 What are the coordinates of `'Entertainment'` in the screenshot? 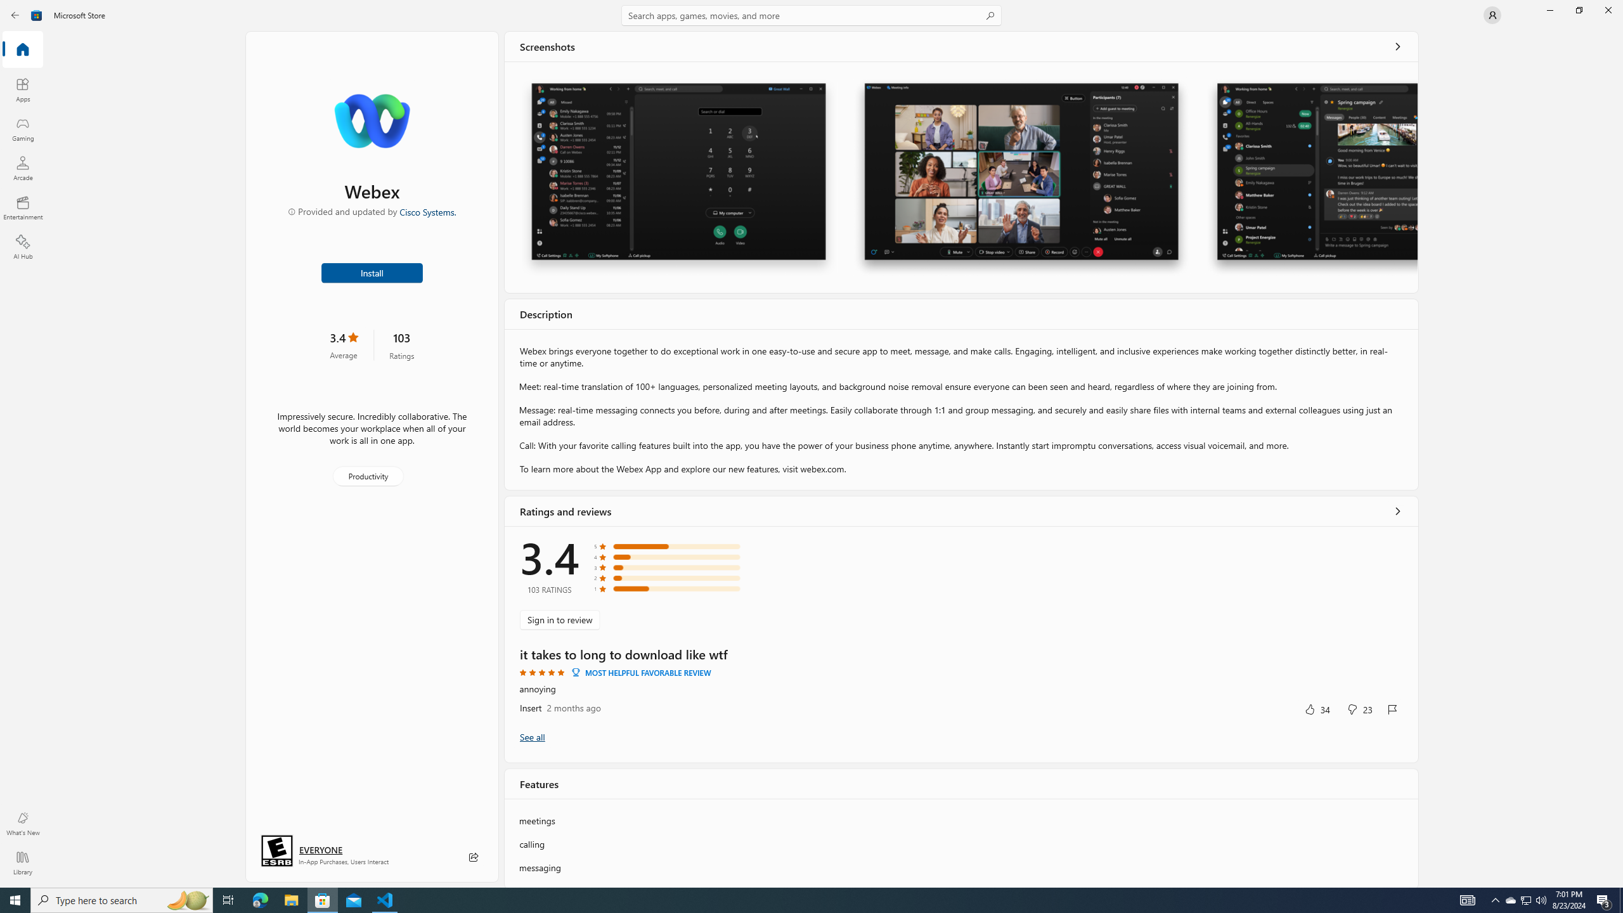 It's located at (22, 207).